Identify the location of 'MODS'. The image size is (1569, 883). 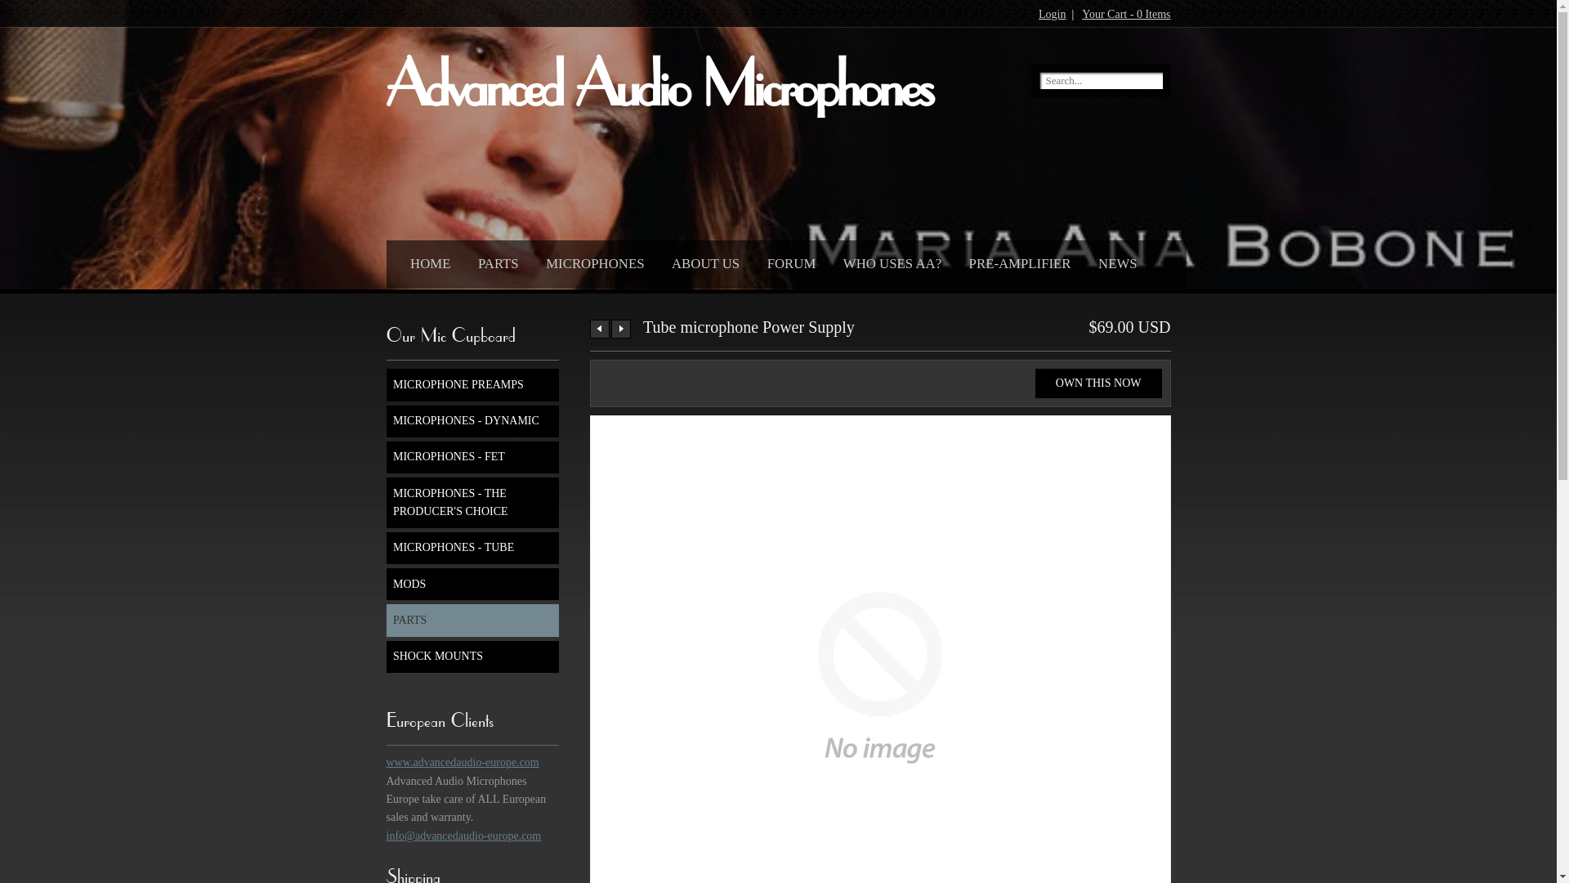
(384, 583).